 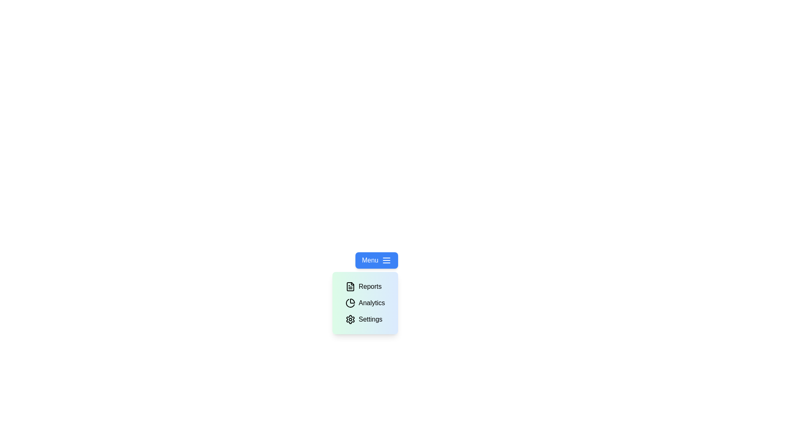 What do you see at coordinates (376, 260) in the screenshot?
I see `the 'Menu' button to toggle the dropdown menu visibility` at bounding box center [376, 260].